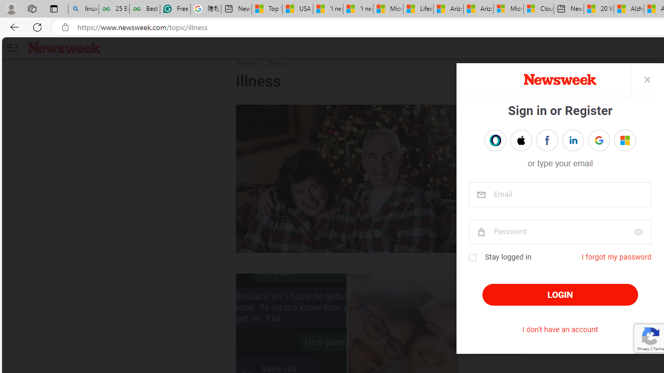 The image size is (664, 373). What do you see at coordinates (546, 140) in the screenshot?
I see `'Sign in with FACEBOOK'` at bounding box center [546, 140].